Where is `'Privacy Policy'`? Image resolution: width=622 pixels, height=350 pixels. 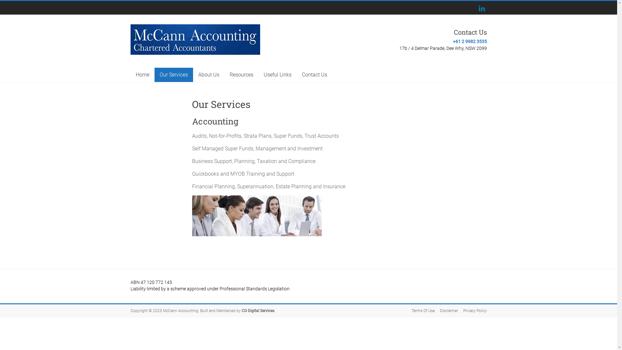
'Privacy Policy' is located at coordinates (472, 310).